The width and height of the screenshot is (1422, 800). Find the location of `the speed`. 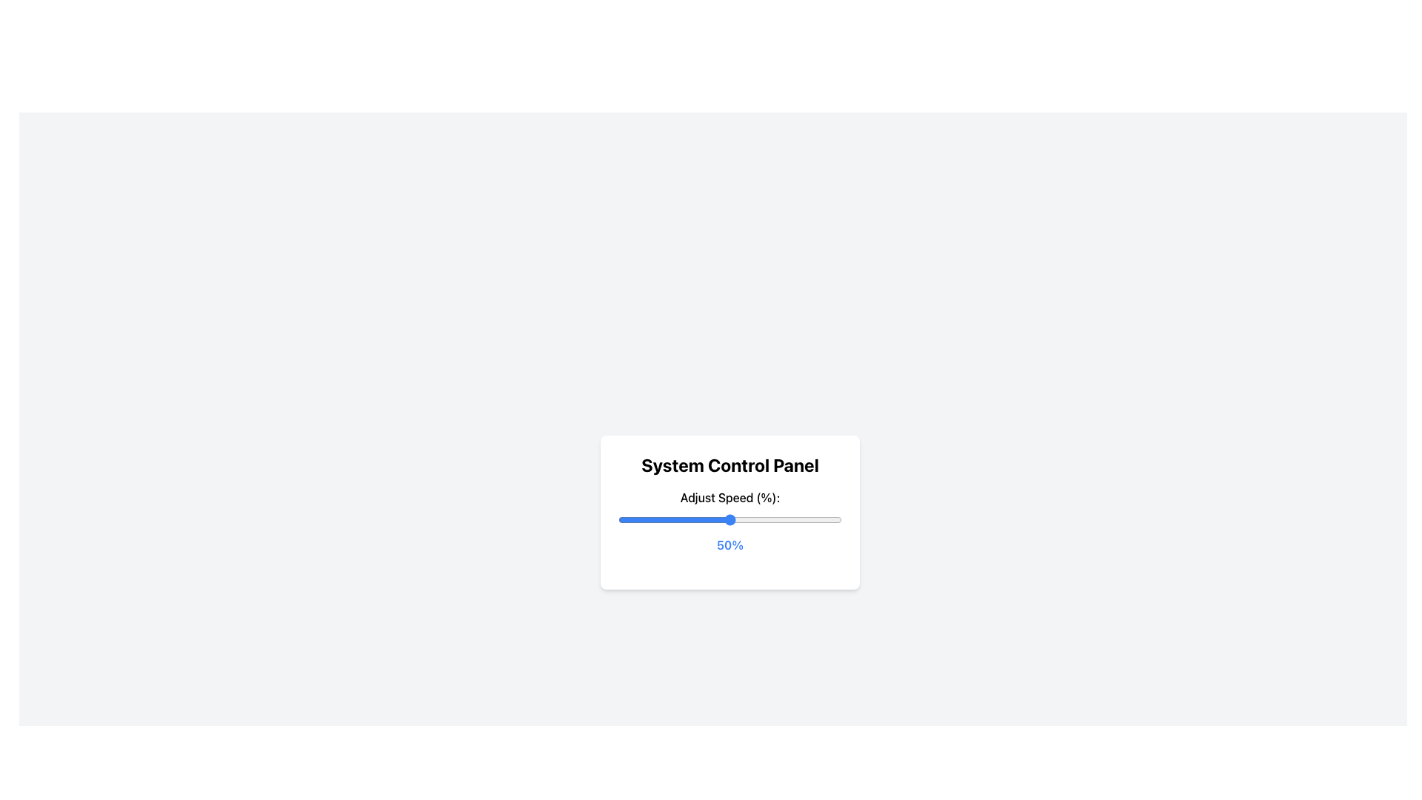

the speed is located at coordinates (675, 519).